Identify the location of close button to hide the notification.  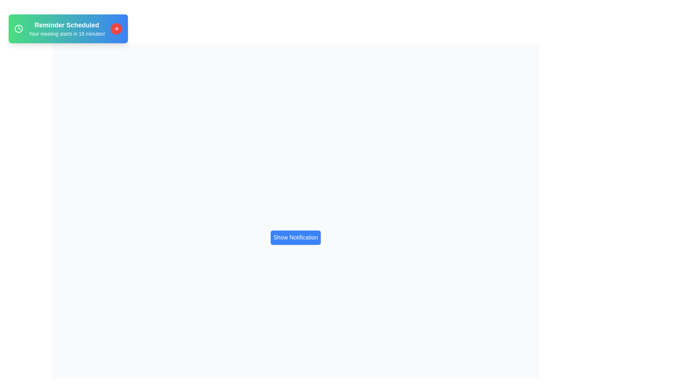
(116, 28).